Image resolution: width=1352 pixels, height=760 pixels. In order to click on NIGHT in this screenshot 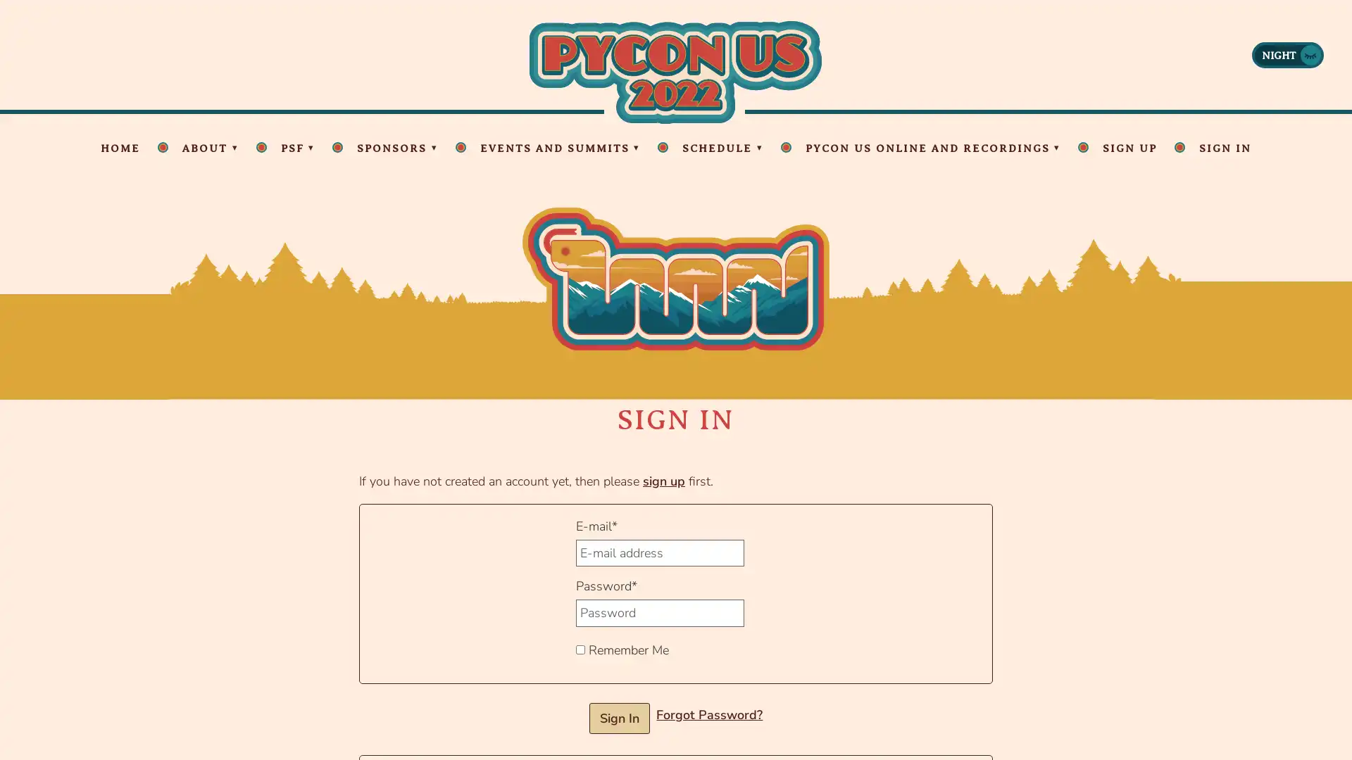, I will do `click(1287, 53)`.